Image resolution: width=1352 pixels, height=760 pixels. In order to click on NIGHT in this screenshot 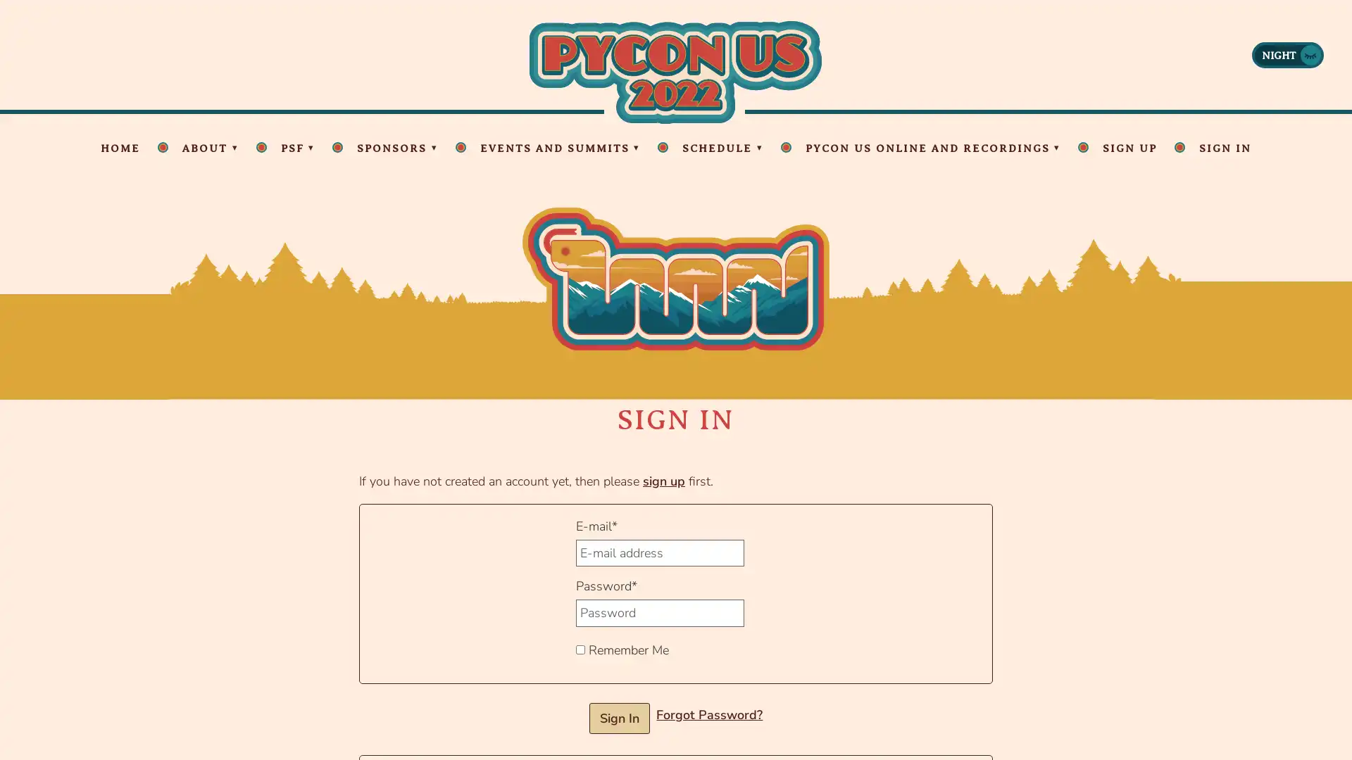, I will do `click(1287, 53)`.